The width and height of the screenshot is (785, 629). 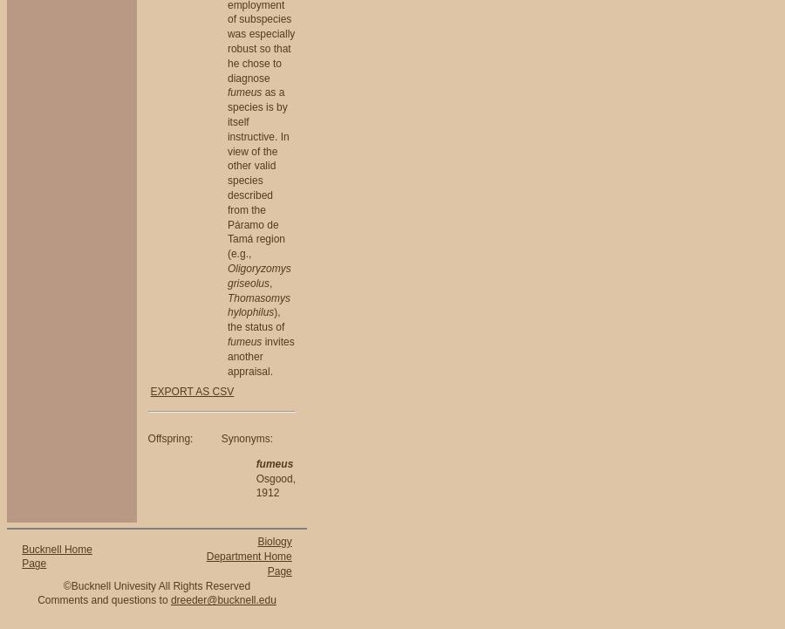 I want to click on 'Biology Department Home Page', so click(x=248, y=556).